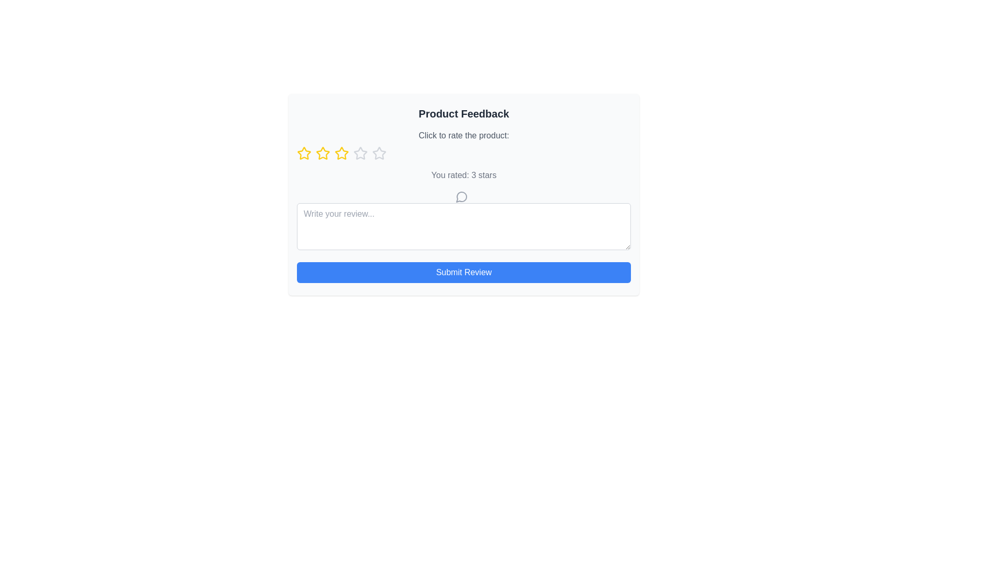  Describe the element at coordinates (461, 197) in the screenshot. I see `the graphical icon located in the 'Product Feedback' section, positioned directly above the text input area for review comments` at that location.